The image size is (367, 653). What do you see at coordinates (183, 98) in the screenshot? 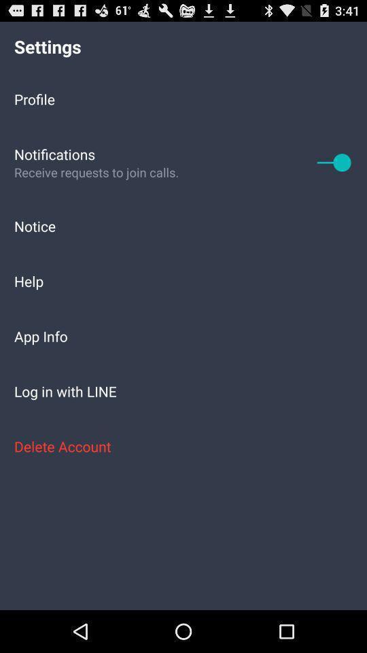
I see `the item above notifications item` at bounding box center [183, 98].